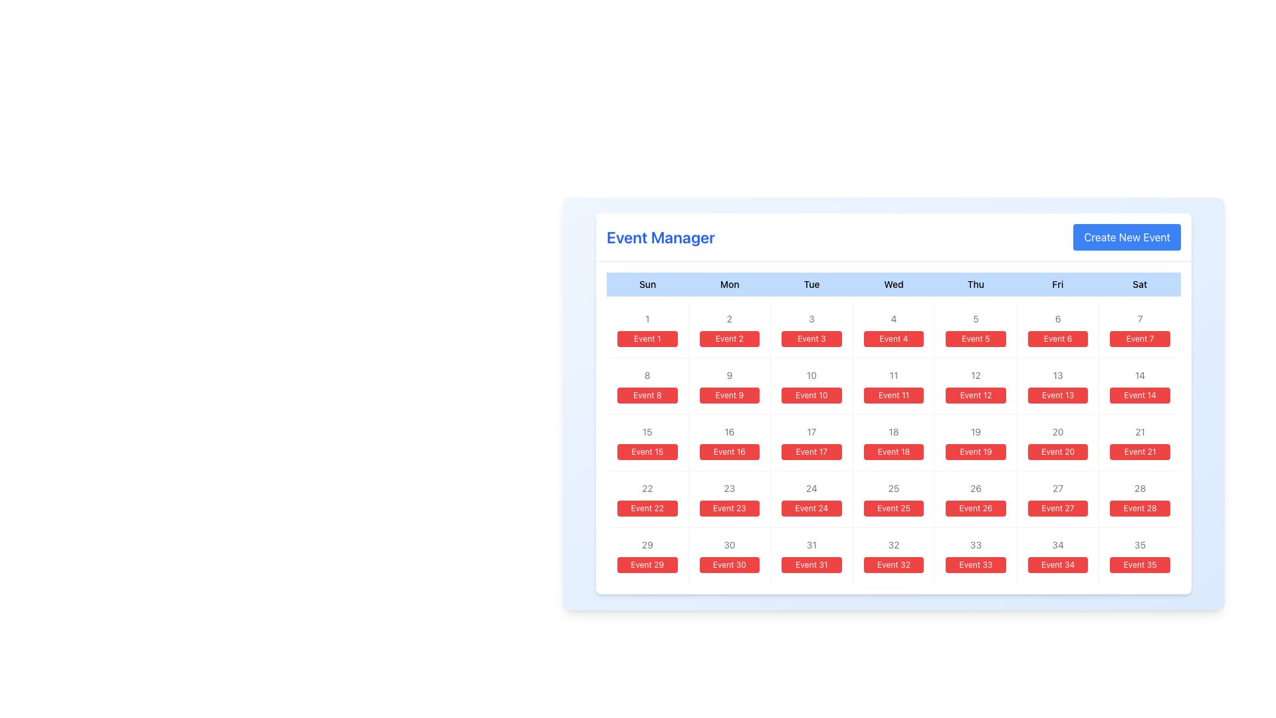 Image resolution: width=1276 pixels, height=718 pixels. What do you see at coordinates (1057, 338) in the screenshot?
I see `the rectangular button with a red background and white text labeled 'Event 6', located in the Friday column of the calendar grid interface` at bounding box center [1057, 338].